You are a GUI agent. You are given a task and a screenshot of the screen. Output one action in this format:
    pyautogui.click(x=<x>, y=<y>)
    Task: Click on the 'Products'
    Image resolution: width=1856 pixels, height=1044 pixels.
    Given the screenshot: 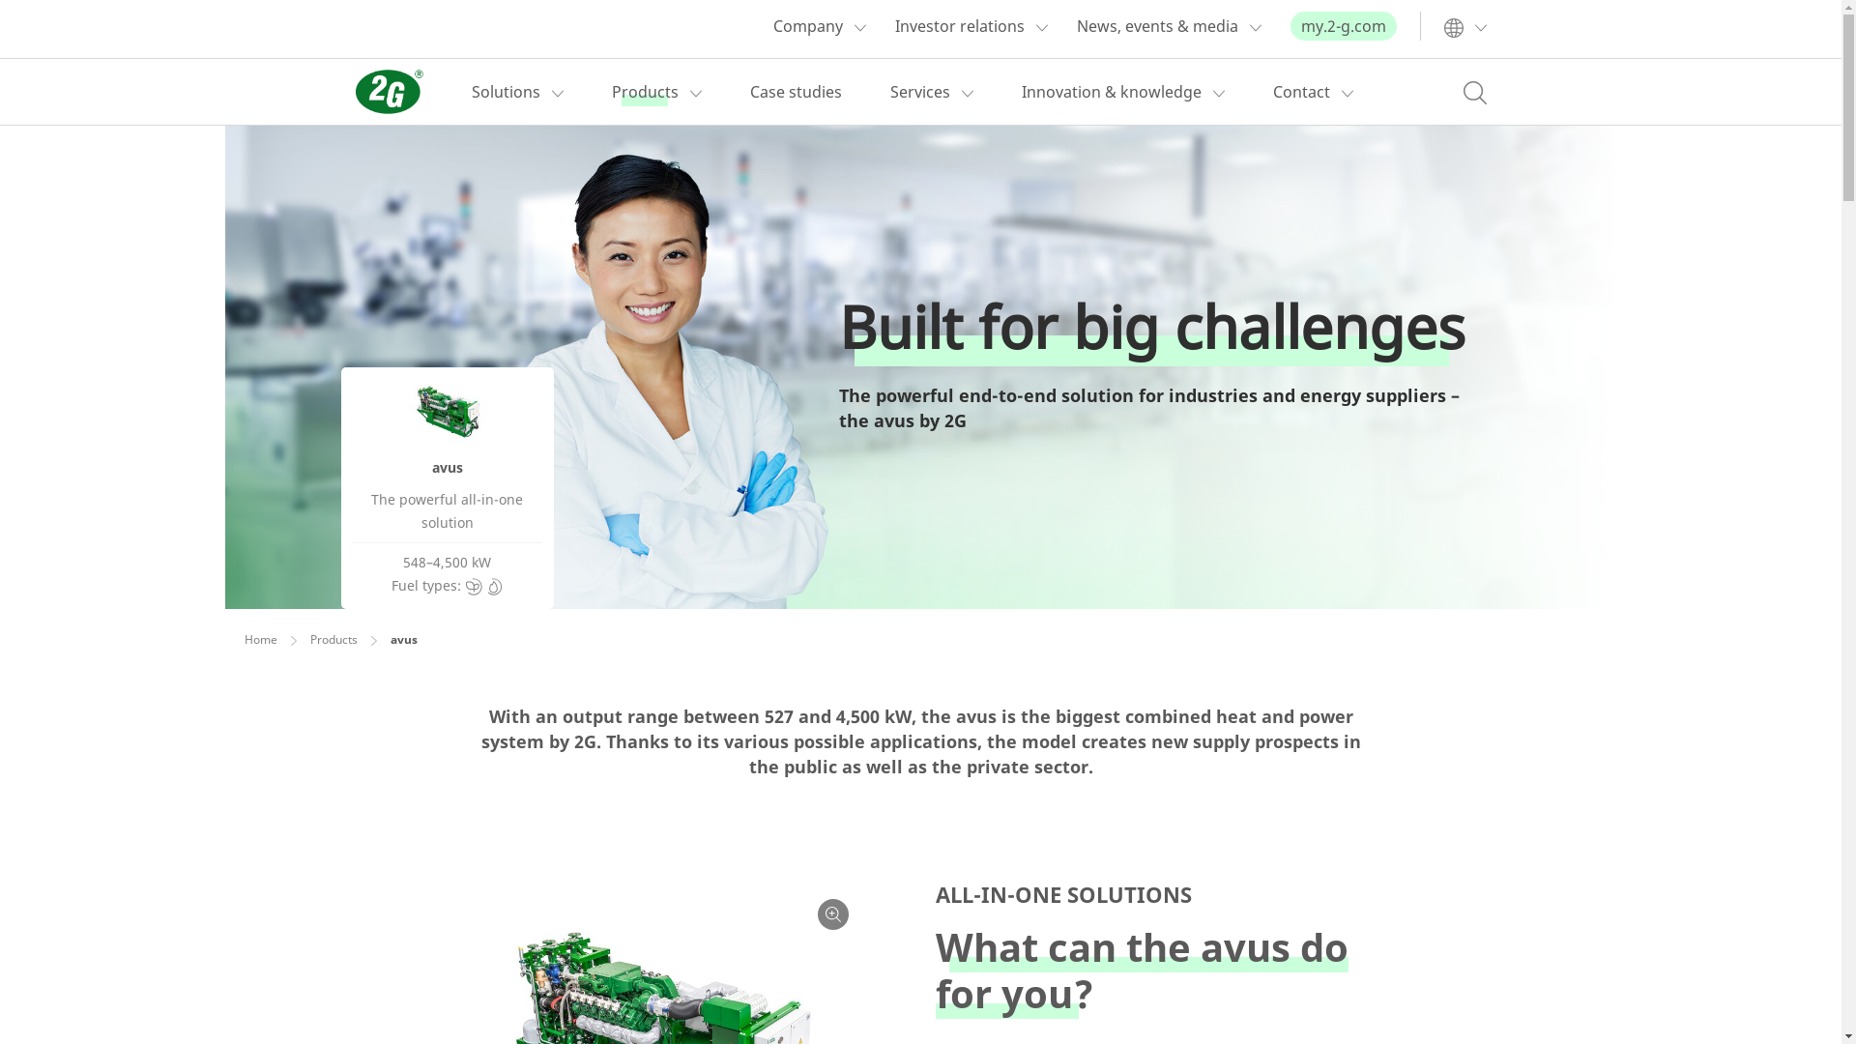 What is the action you would take?
    pyautogui.click(x=610, y=92)
    